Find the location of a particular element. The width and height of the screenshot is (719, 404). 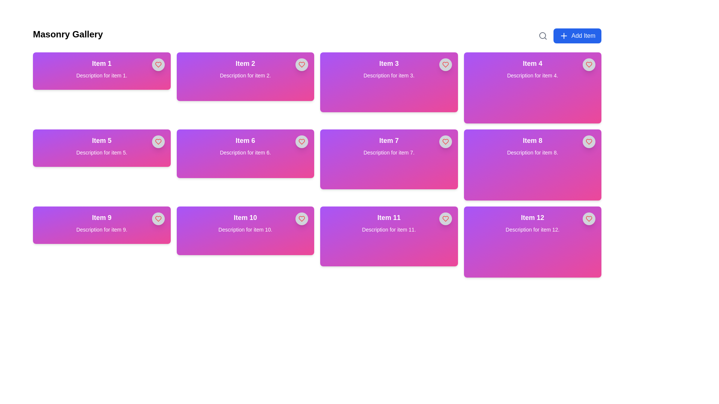

the heart icon located at the top-right corner of the card titled 'Item 8' is located at coordinates (589, 141).